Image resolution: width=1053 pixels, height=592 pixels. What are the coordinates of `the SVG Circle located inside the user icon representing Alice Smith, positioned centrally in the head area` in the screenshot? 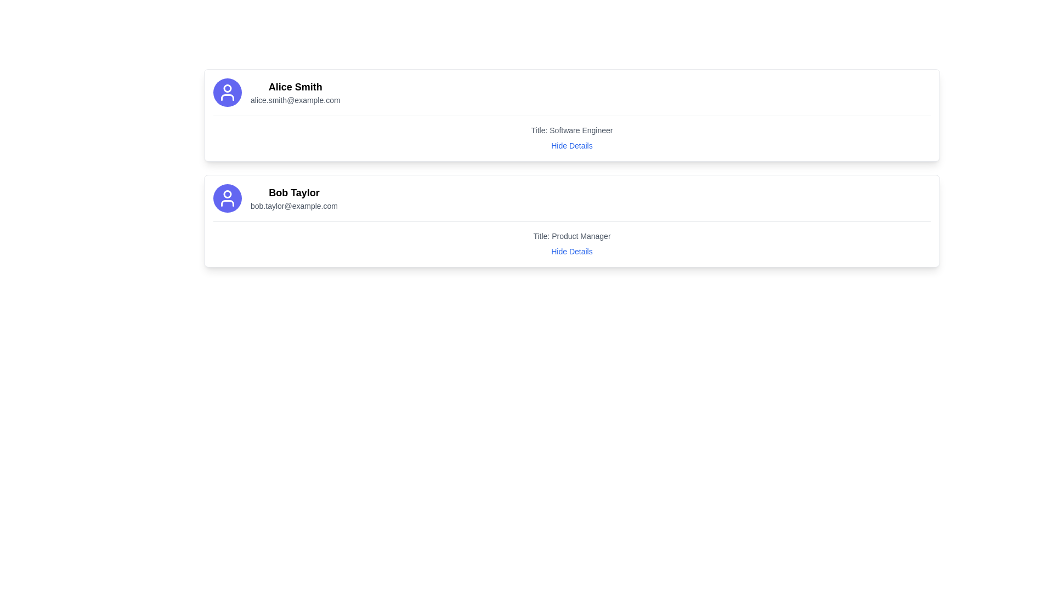 It's located at (227, 88).